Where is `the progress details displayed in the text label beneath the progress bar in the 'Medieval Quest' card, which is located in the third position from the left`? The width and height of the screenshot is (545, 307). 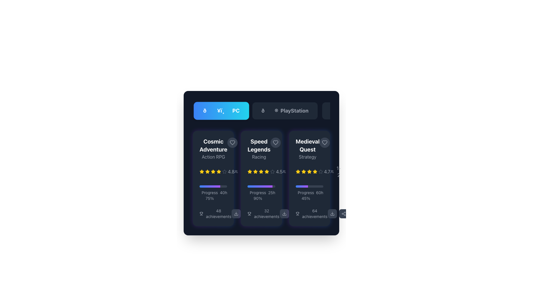 the progress details displayed in the text label beneath the progress bar in the 'Medieval Quest' card, which is located in the third position from the left is located at coordinates (309, 193).